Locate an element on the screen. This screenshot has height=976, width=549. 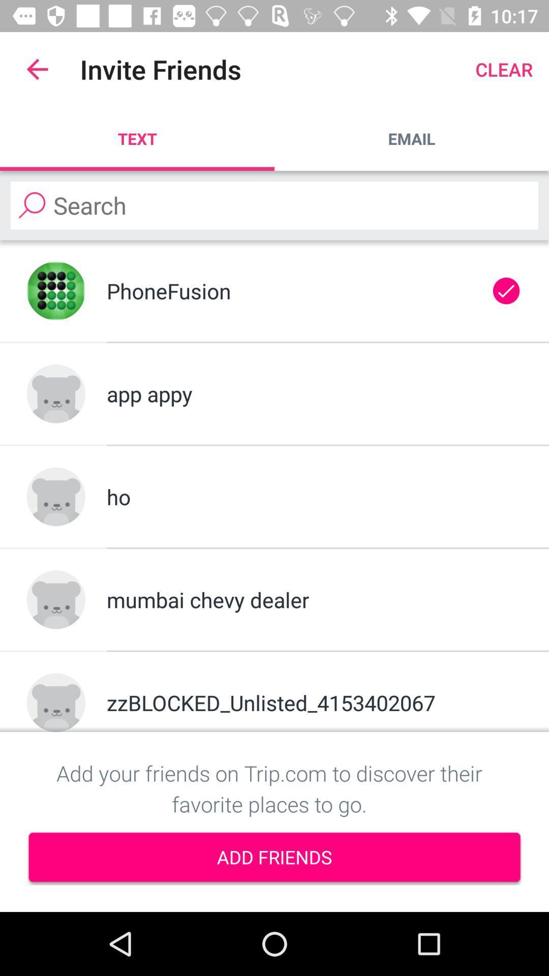
mumbai chevy dealer item is located at coordinates (314, 599).